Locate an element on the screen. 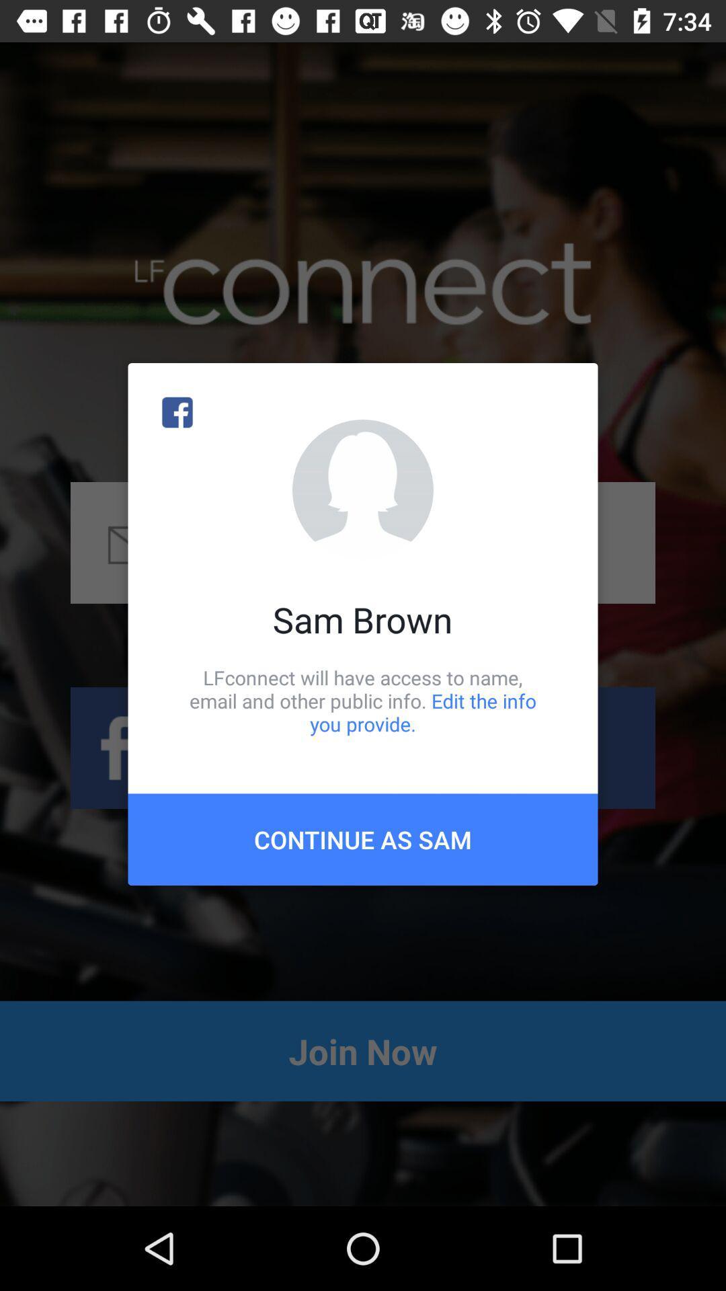  item below the lfconnect will have is located at coordinates (363, 838).